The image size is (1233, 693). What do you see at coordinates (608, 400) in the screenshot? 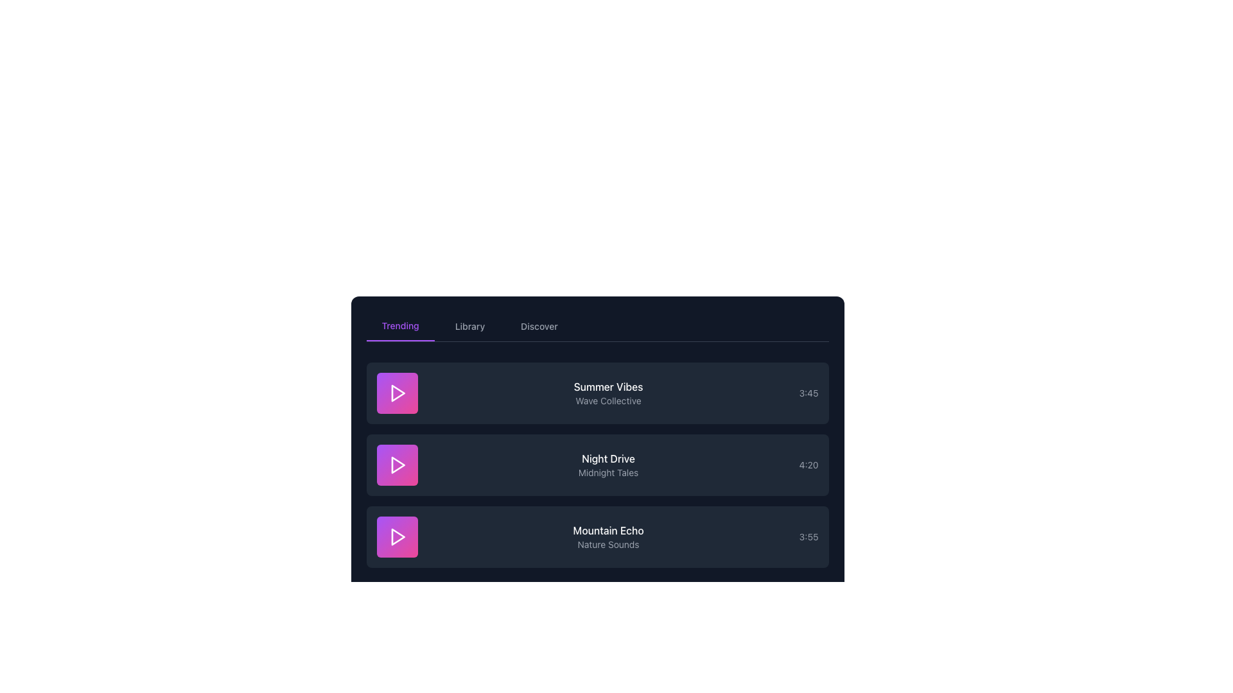
I see `the Text label located below the 'Summer Vibes' heading` at bounding box center [608, 400].